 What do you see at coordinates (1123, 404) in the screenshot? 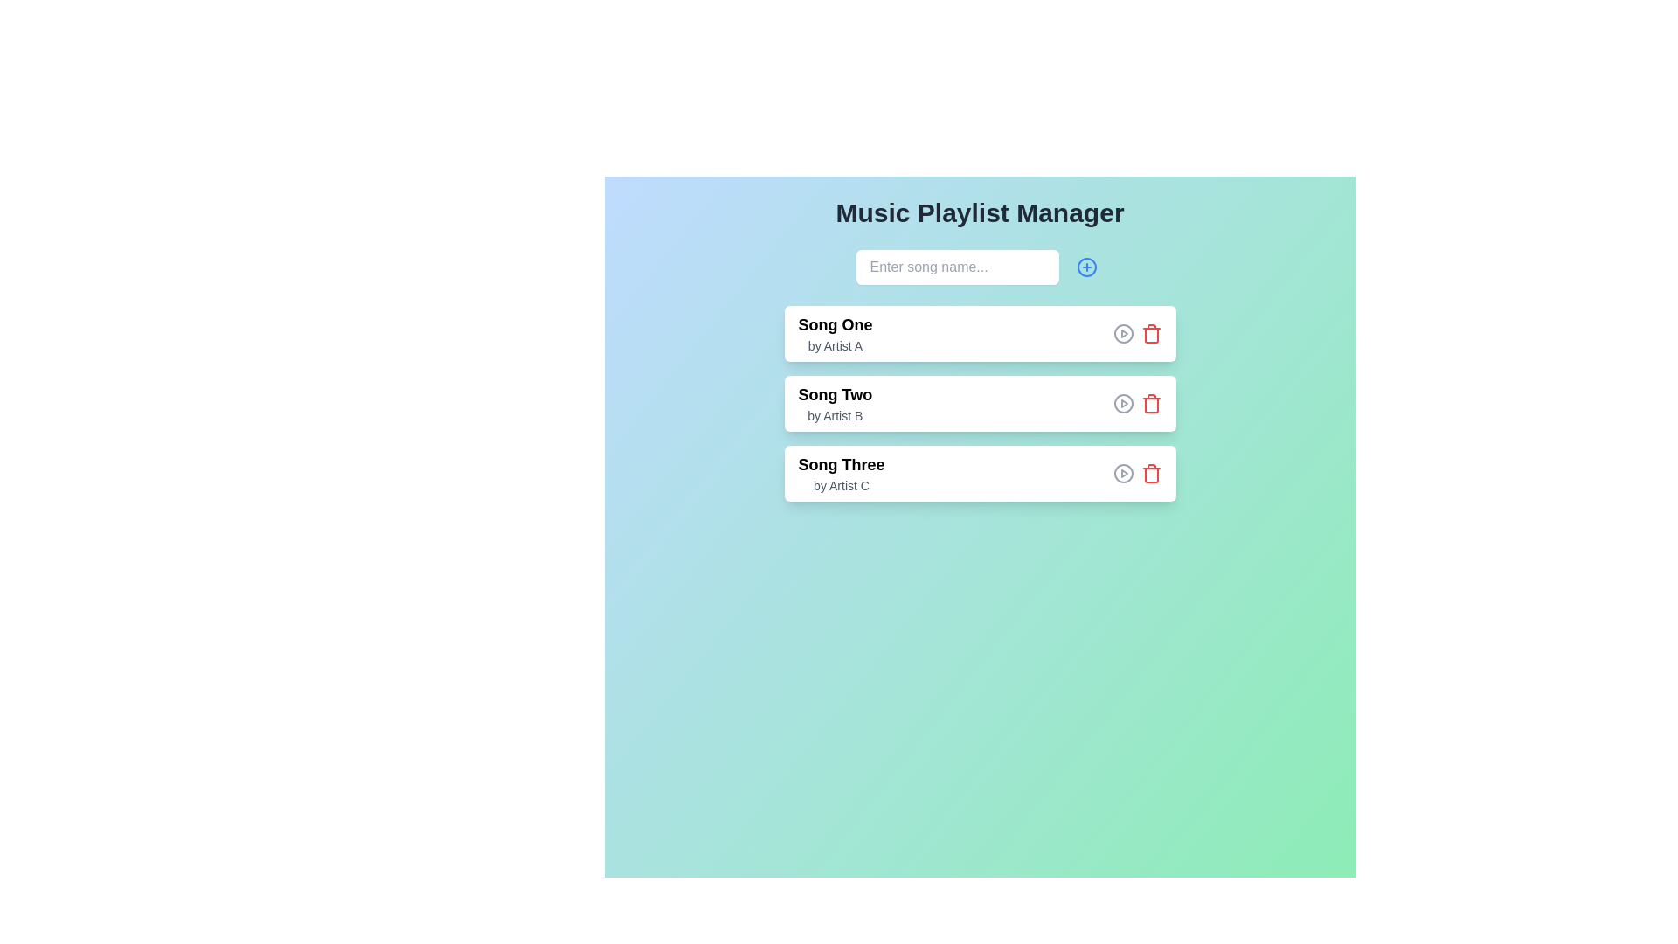
I see `the circular SVG element styled as a thin stroke circle, which is part of the play button located on the right side of the 'Song One' list item` at bounding box center [1123, 404].